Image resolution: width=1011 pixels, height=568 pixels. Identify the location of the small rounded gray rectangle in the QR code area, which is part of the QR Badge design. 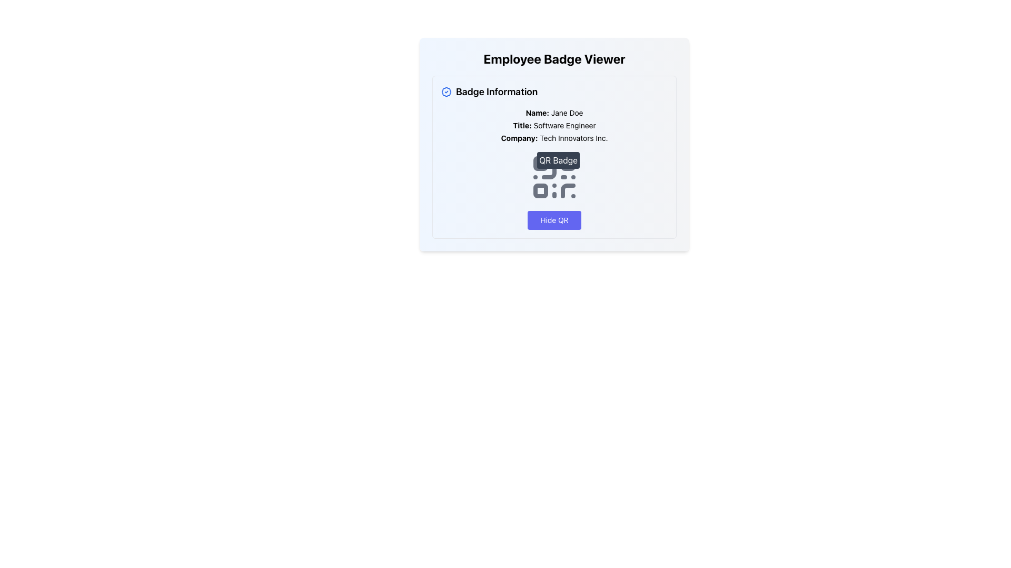
(541, 164).